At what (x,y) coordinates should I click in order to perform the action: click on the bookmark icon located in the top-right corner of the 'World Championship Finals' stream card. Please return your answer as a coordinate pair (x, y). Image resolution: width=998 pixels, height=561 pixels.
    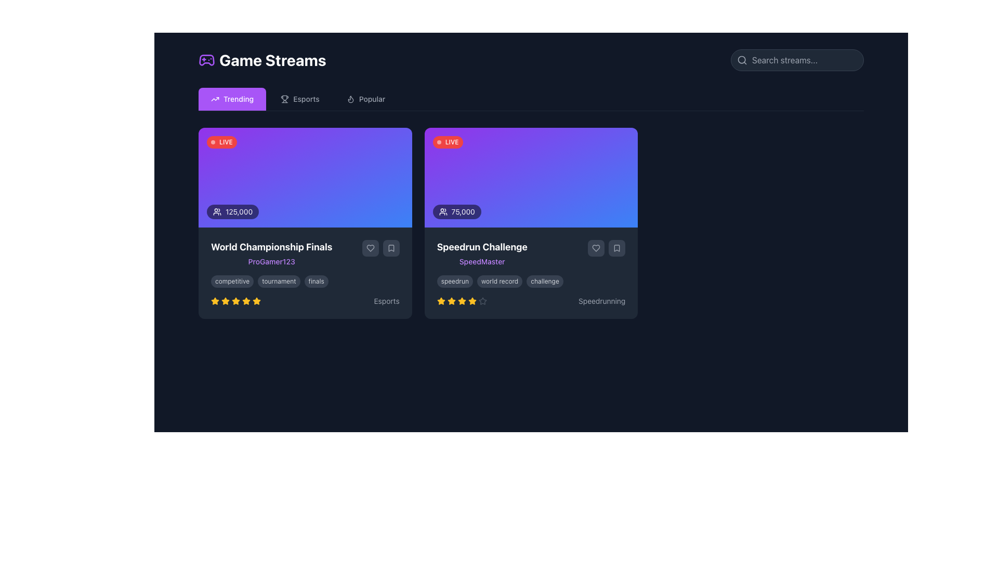
    Looking at the image, I should click on (390, 248).